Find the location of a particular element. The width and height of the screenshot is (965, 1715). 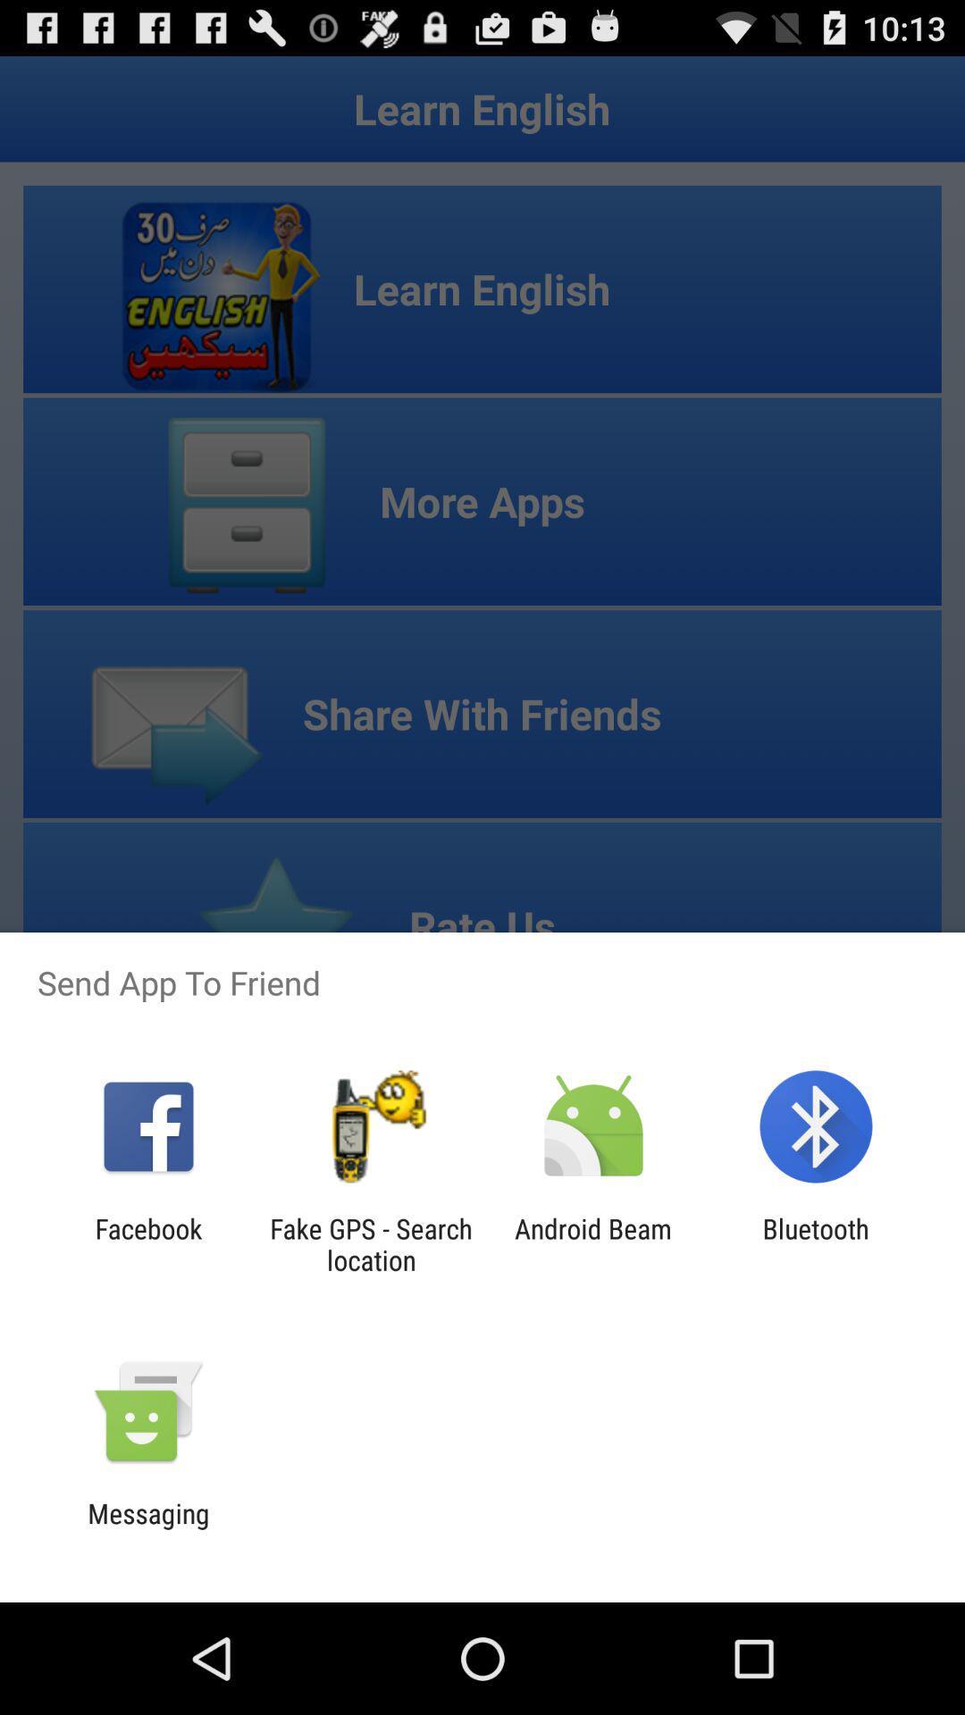

item to the right of the android beam app is located at coordinates (816, 1243).